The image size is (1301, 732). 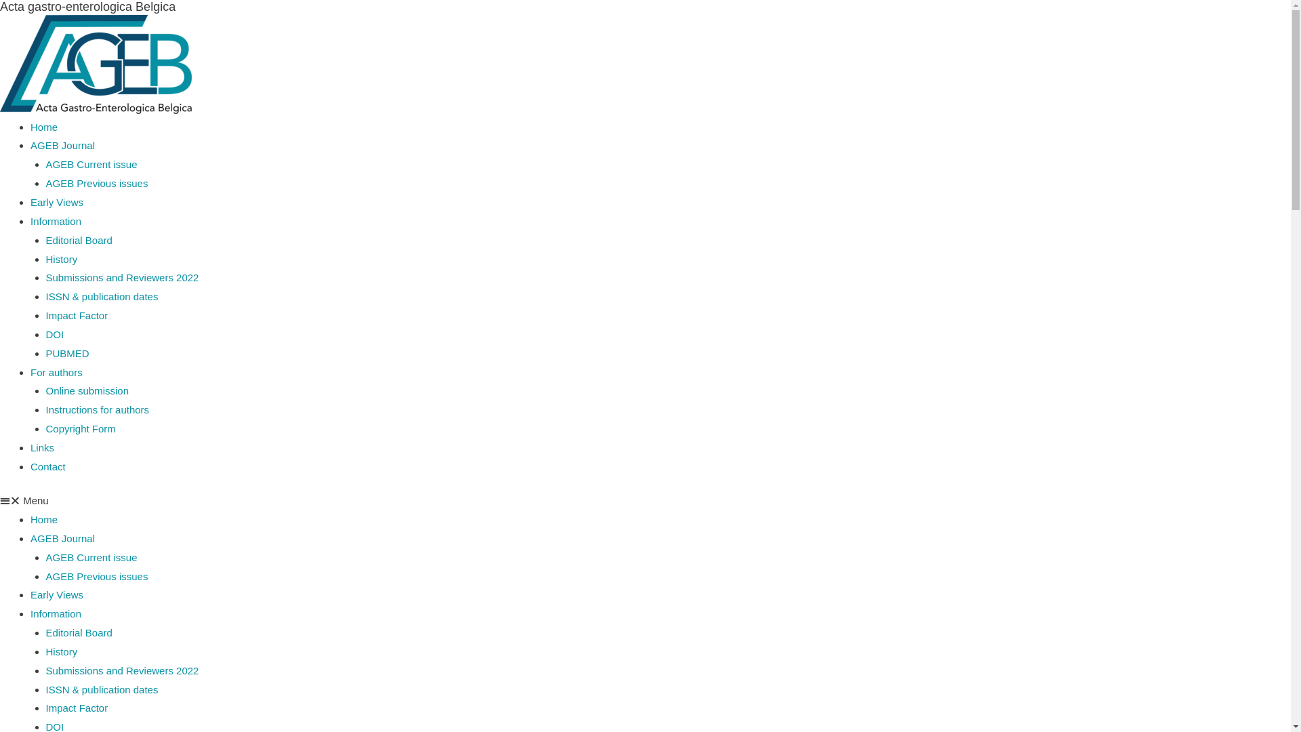 What do you see at coordinates (42, 447) in the screenshot?
I see `'Links'` at bounding box center [42, 447].